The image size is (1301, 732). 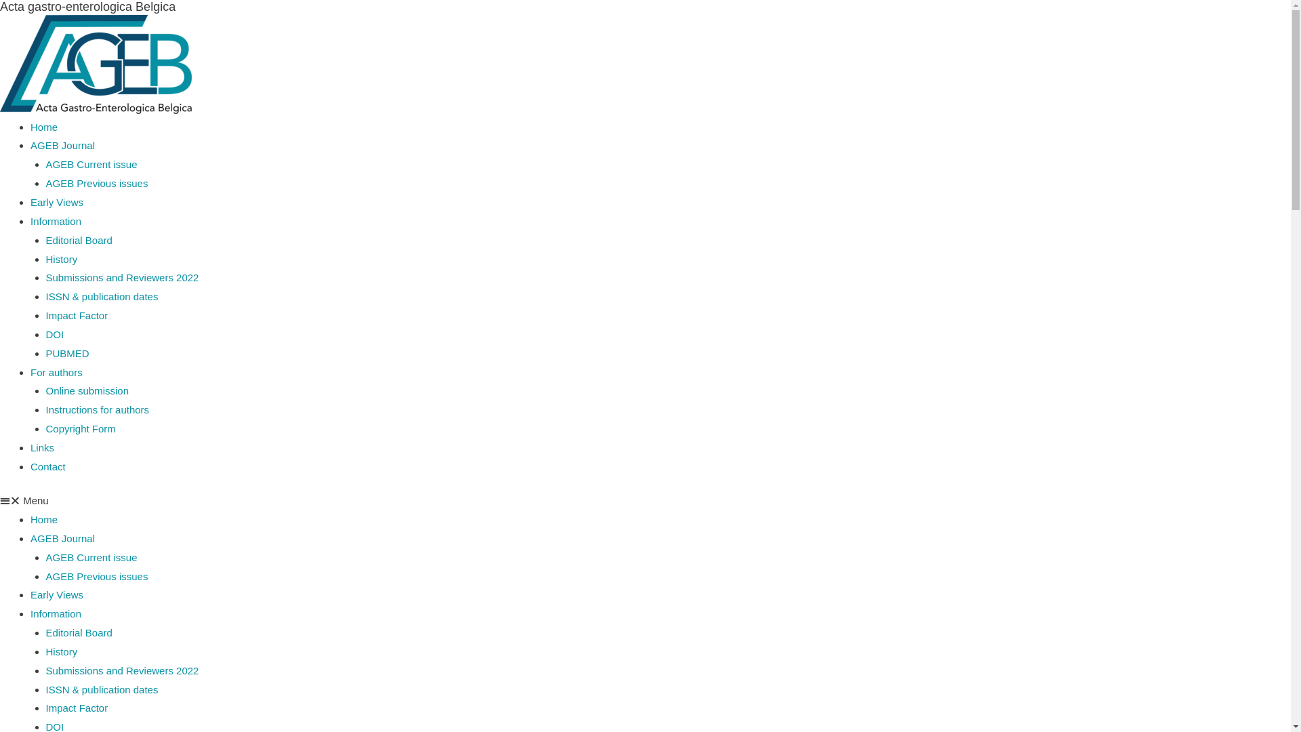 What do you see at coordinates (42, 447) in the screenshot?
I see `'Links'` at bounding box center [42, 447].